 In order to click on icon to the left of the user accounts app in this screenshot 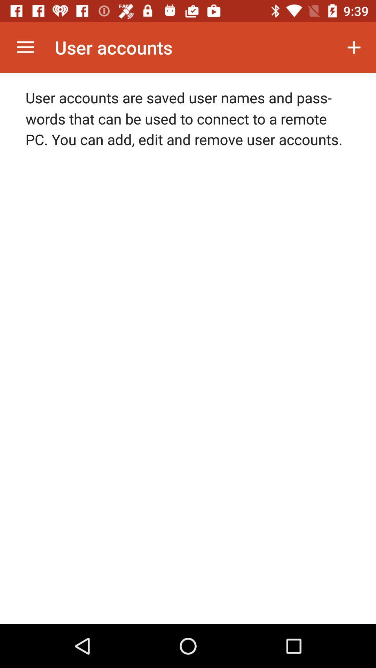, I will do `click(25, 47)`.